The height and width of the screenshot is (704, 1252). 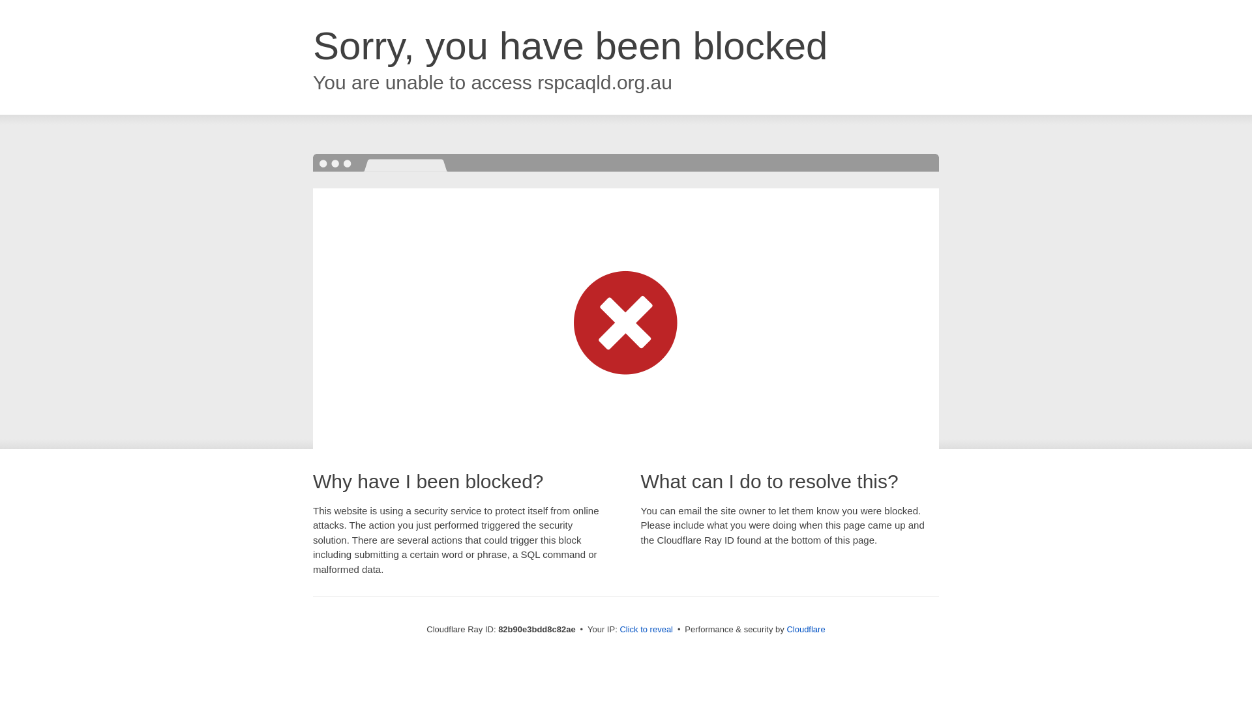 What do you see at coordinates (646, 628) in the screenshot?
I see `'Click to reveal'` at bounding box center [646, 628].